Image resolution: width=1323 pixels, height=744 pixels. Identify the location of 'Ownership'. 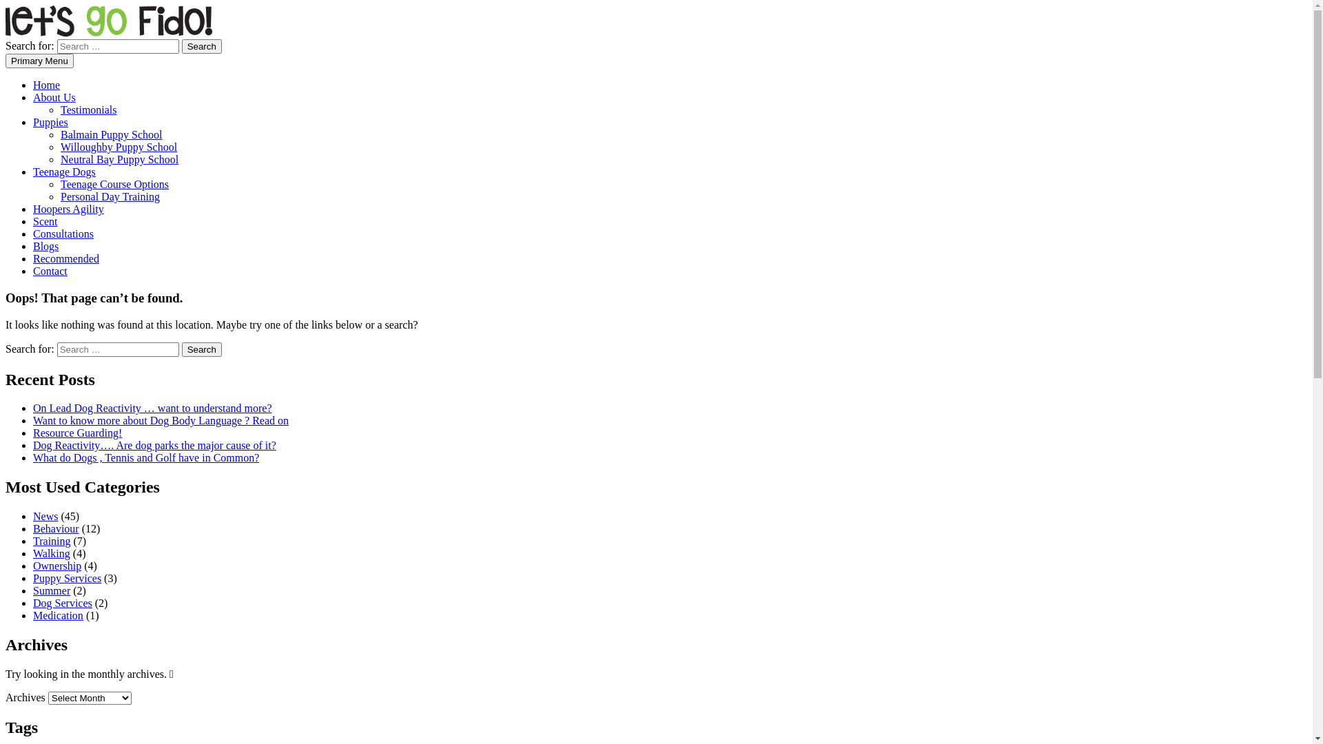
(56, 566).